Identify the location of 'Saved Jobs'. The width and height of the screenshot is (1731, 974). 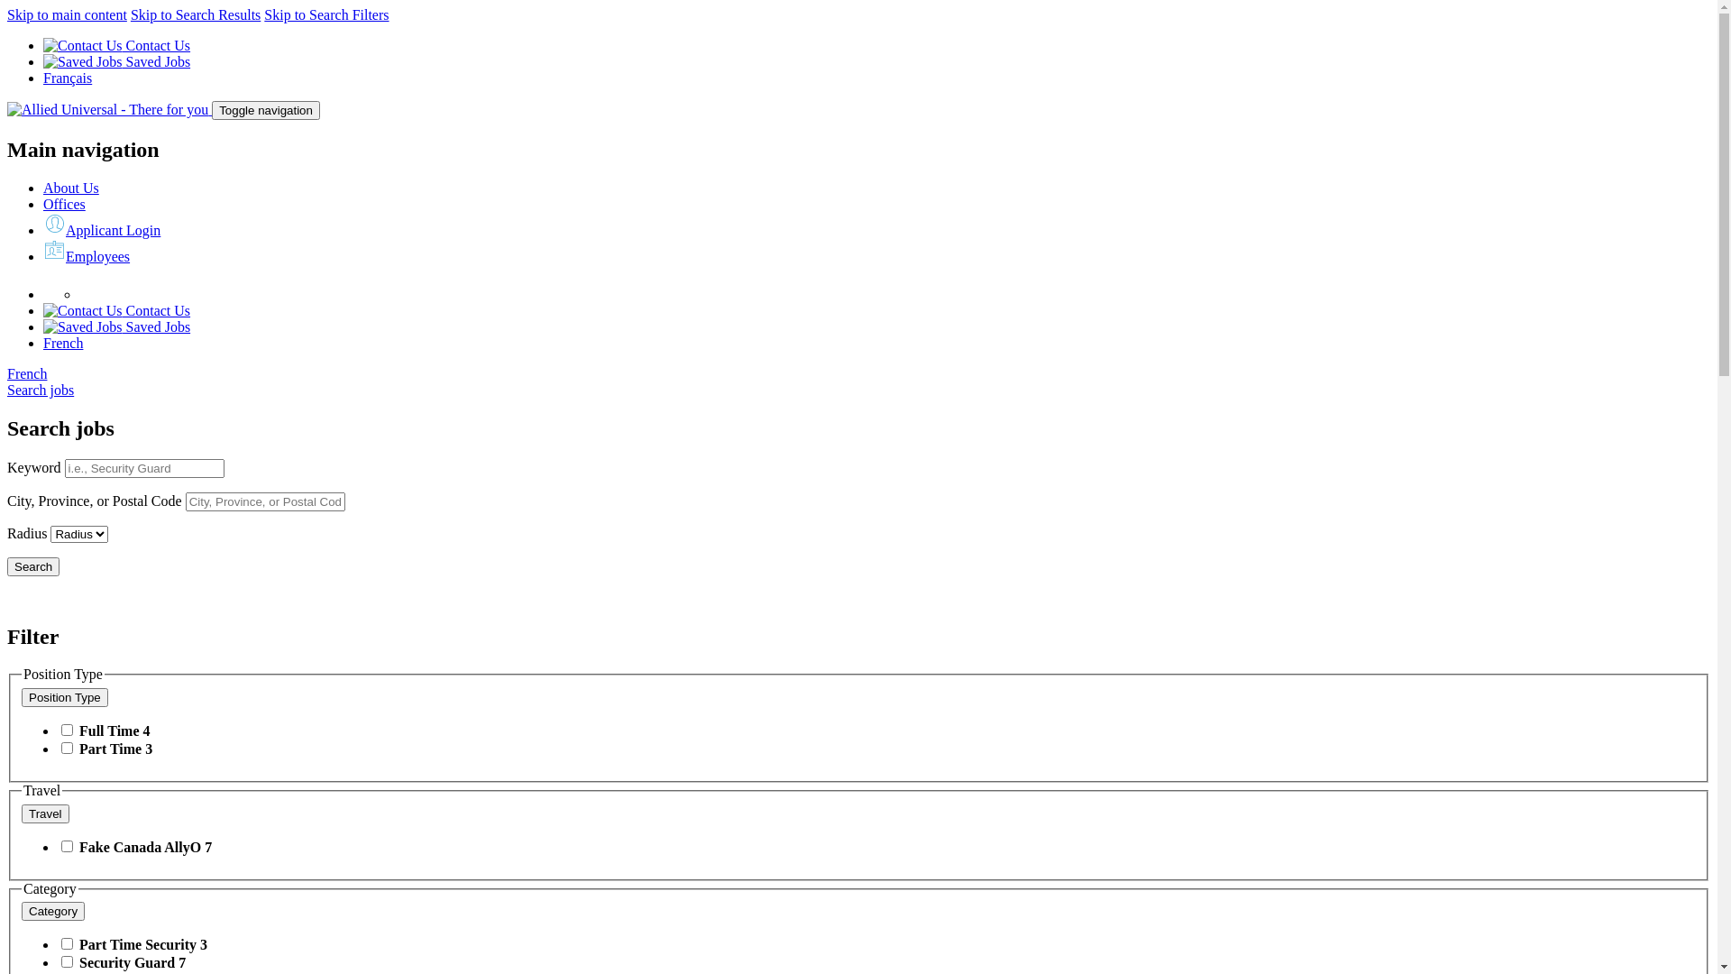
(115, 60).